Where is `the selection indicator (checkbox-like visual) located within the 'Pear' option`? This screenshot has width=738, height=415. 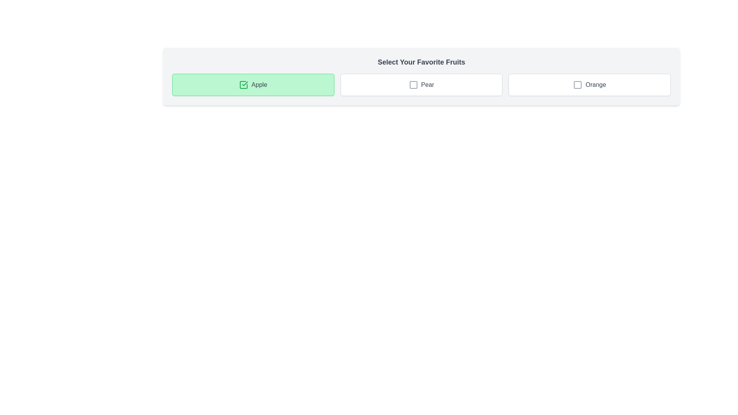 the selection indicator (checkbox-like visual) located within the 'Pear' option is located at coordinates (413, 85).